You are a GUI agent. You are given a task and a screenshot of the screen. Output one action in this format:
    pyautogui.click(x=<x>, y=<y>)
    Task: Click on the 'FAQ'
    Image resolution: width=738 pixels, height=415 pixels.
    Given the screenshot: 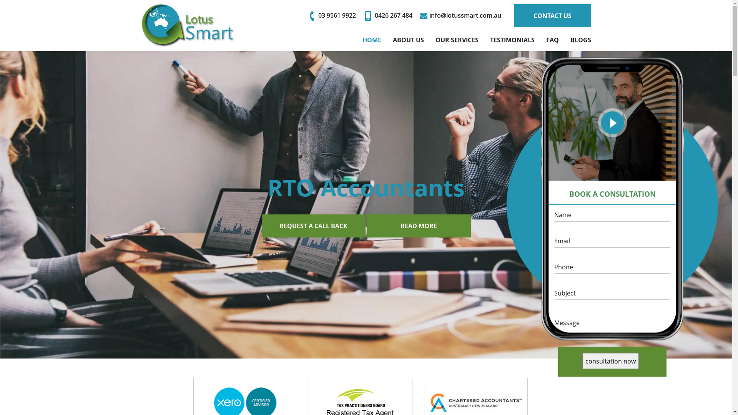 What is the action you would take?
    pyautogui.click(x=552, y=40)
    